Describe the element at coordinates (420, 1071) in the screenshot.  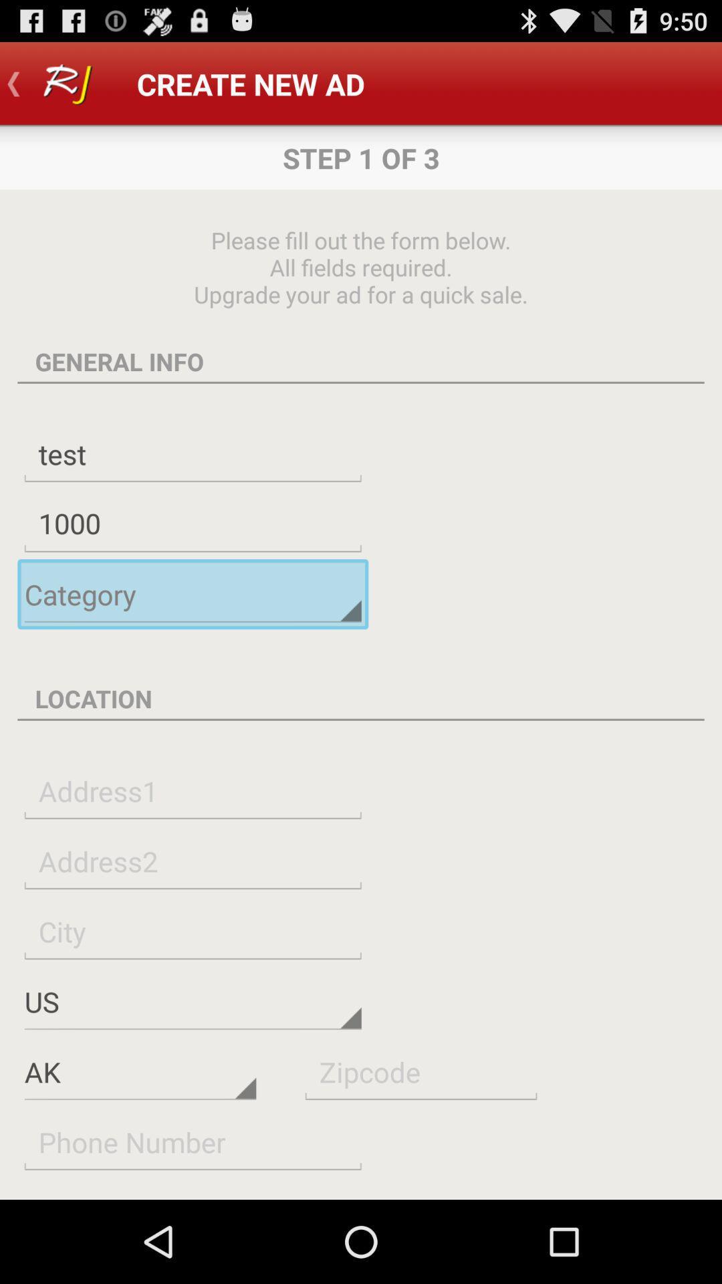
I see `put the zip code` at that location.